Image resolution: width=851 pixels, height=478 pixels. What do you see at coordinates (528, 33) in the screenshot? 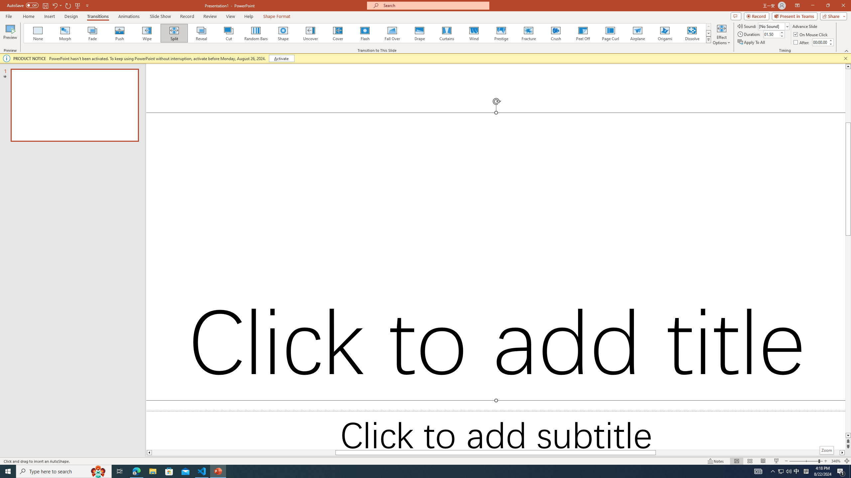
I see `'Fracture'` at bounding box center [528, 33].